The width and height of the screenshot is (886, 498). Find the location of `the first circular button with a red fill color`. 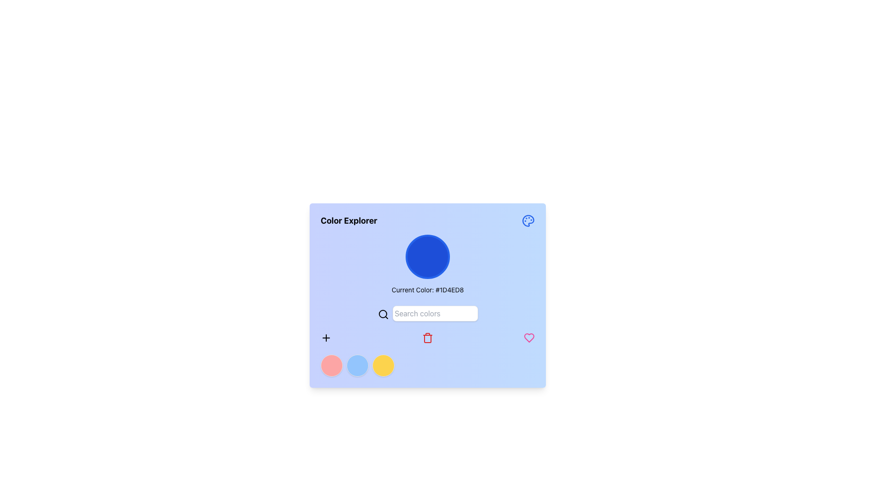

the first circular button with a red fill color is located at coordinates (332, 365).